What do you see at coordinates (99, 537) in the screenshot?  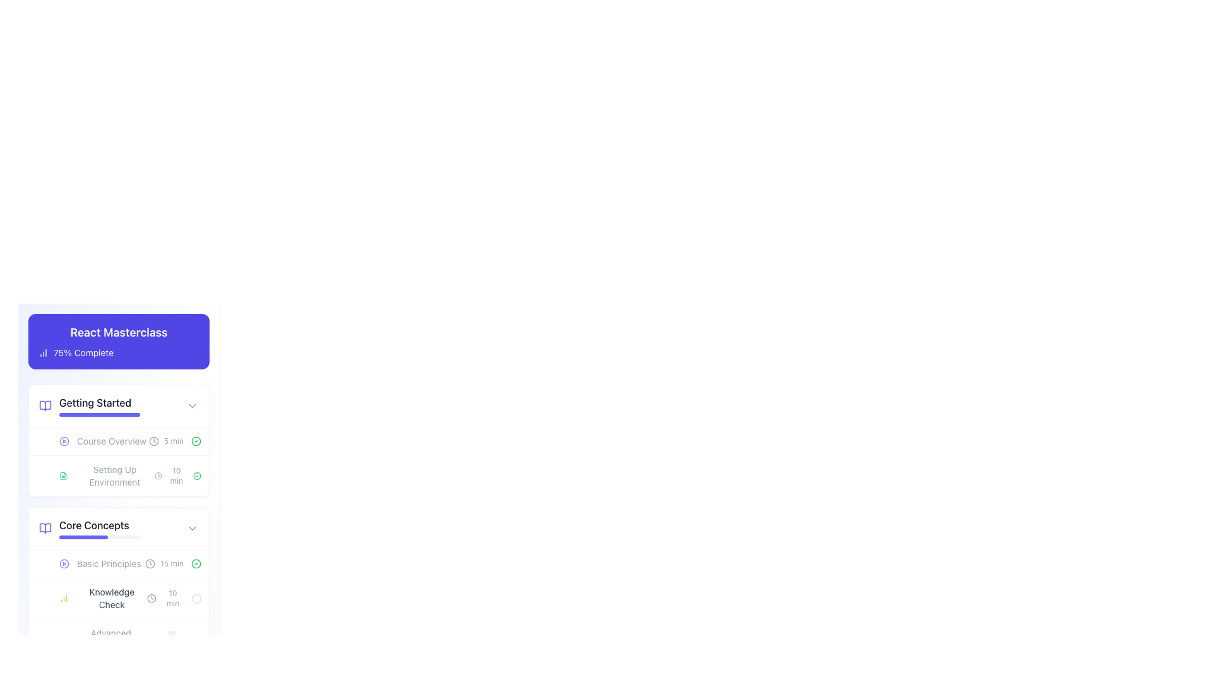 I see `the horizontal progress bar located below the 'Core Concepts' title, which has a light gray background and an indigo filled section indicating progress` at bounding box center [99, 537].